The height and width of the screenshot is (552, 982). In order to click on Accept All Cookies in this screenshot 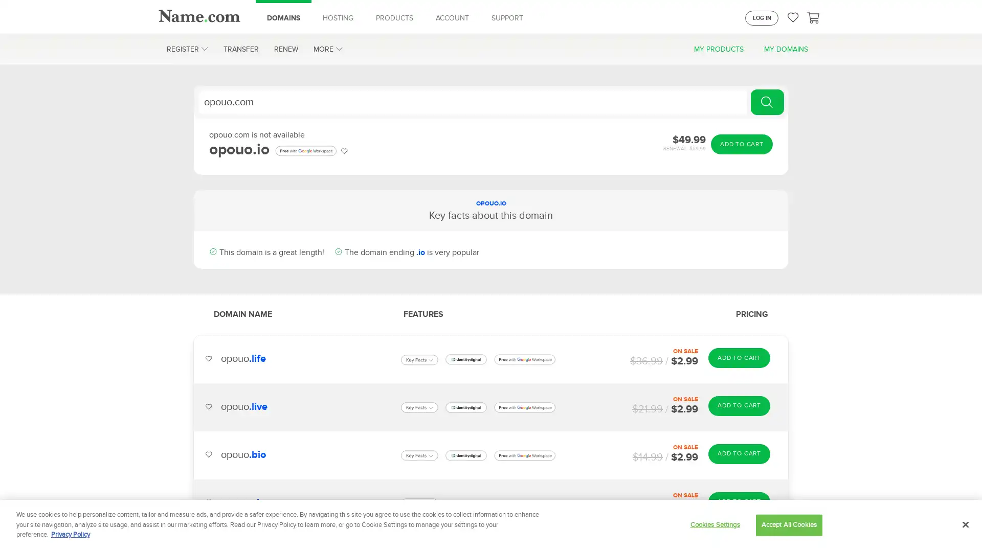, I will do `click(788, 524)`.